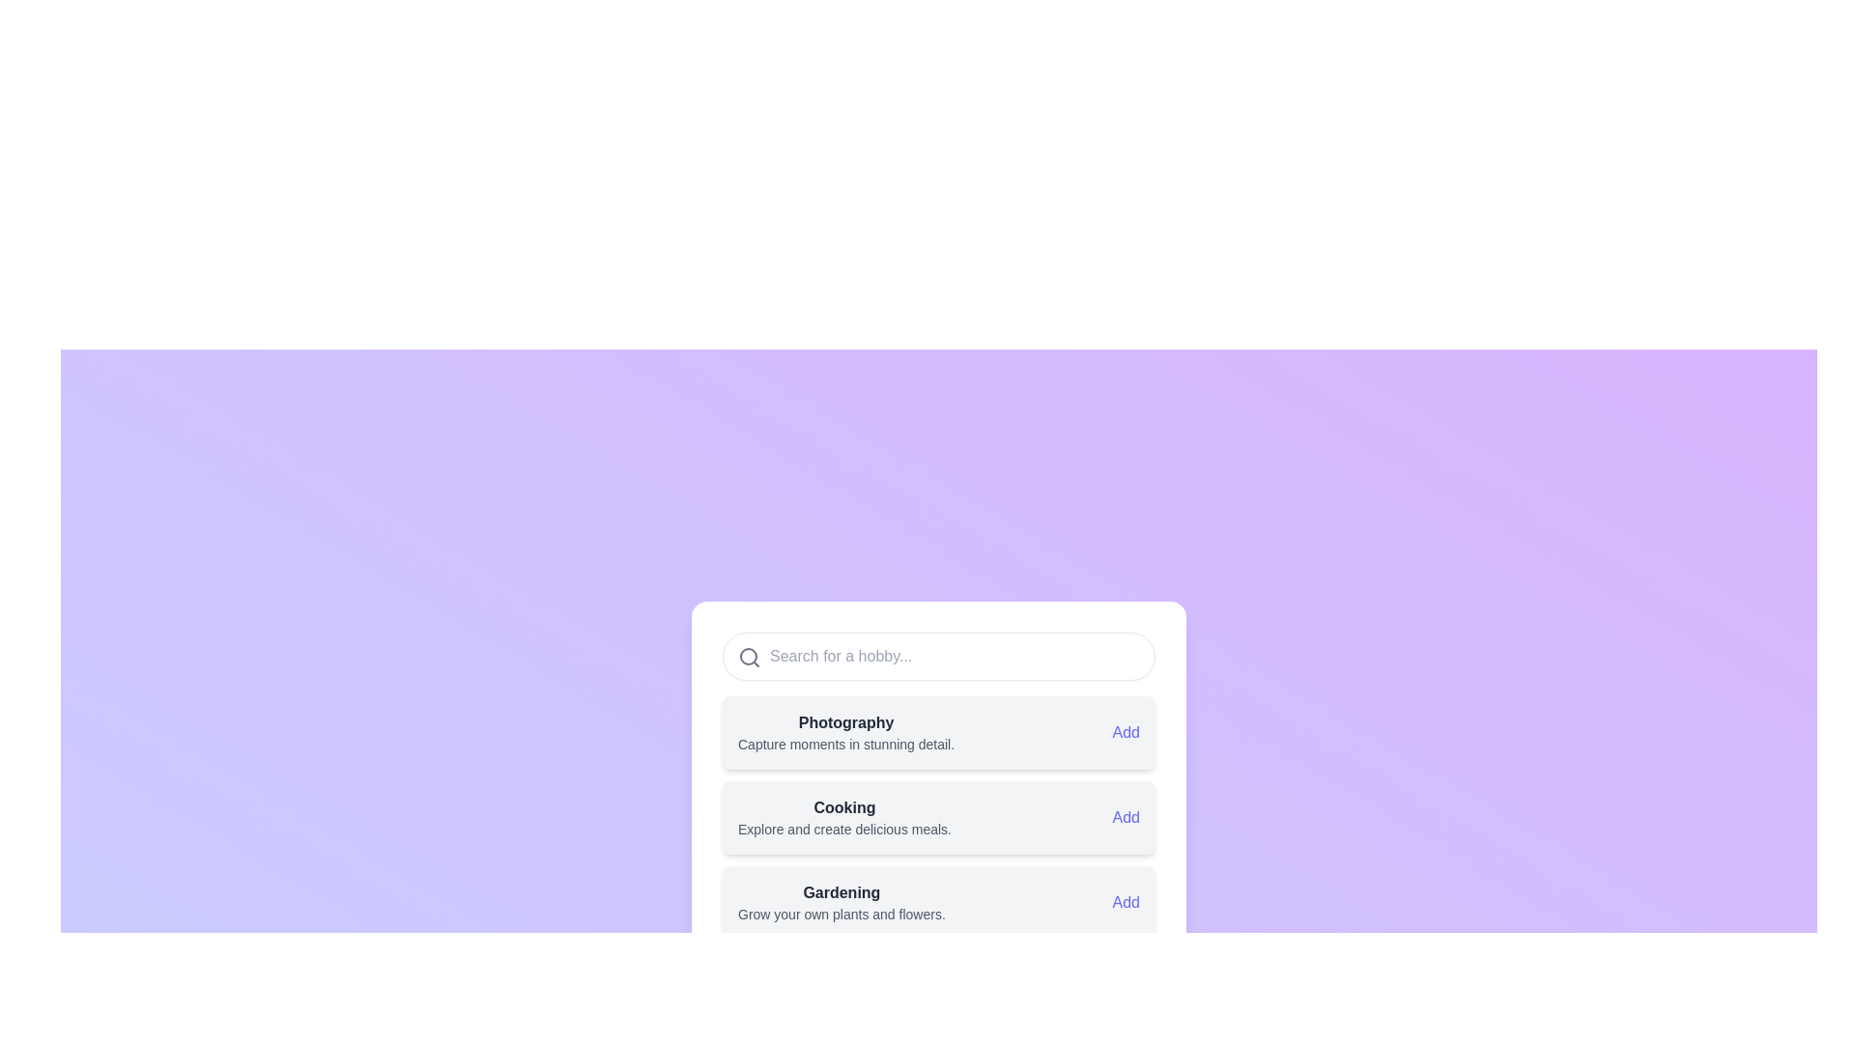  What do you see at coordinates (846, 722) in the screenshot?
I see `the bold, dark gray title text labeled 'Photography' that is positioned at the top of its respective section within the first card of a vertical list of options` at bounding box center [846, 722].